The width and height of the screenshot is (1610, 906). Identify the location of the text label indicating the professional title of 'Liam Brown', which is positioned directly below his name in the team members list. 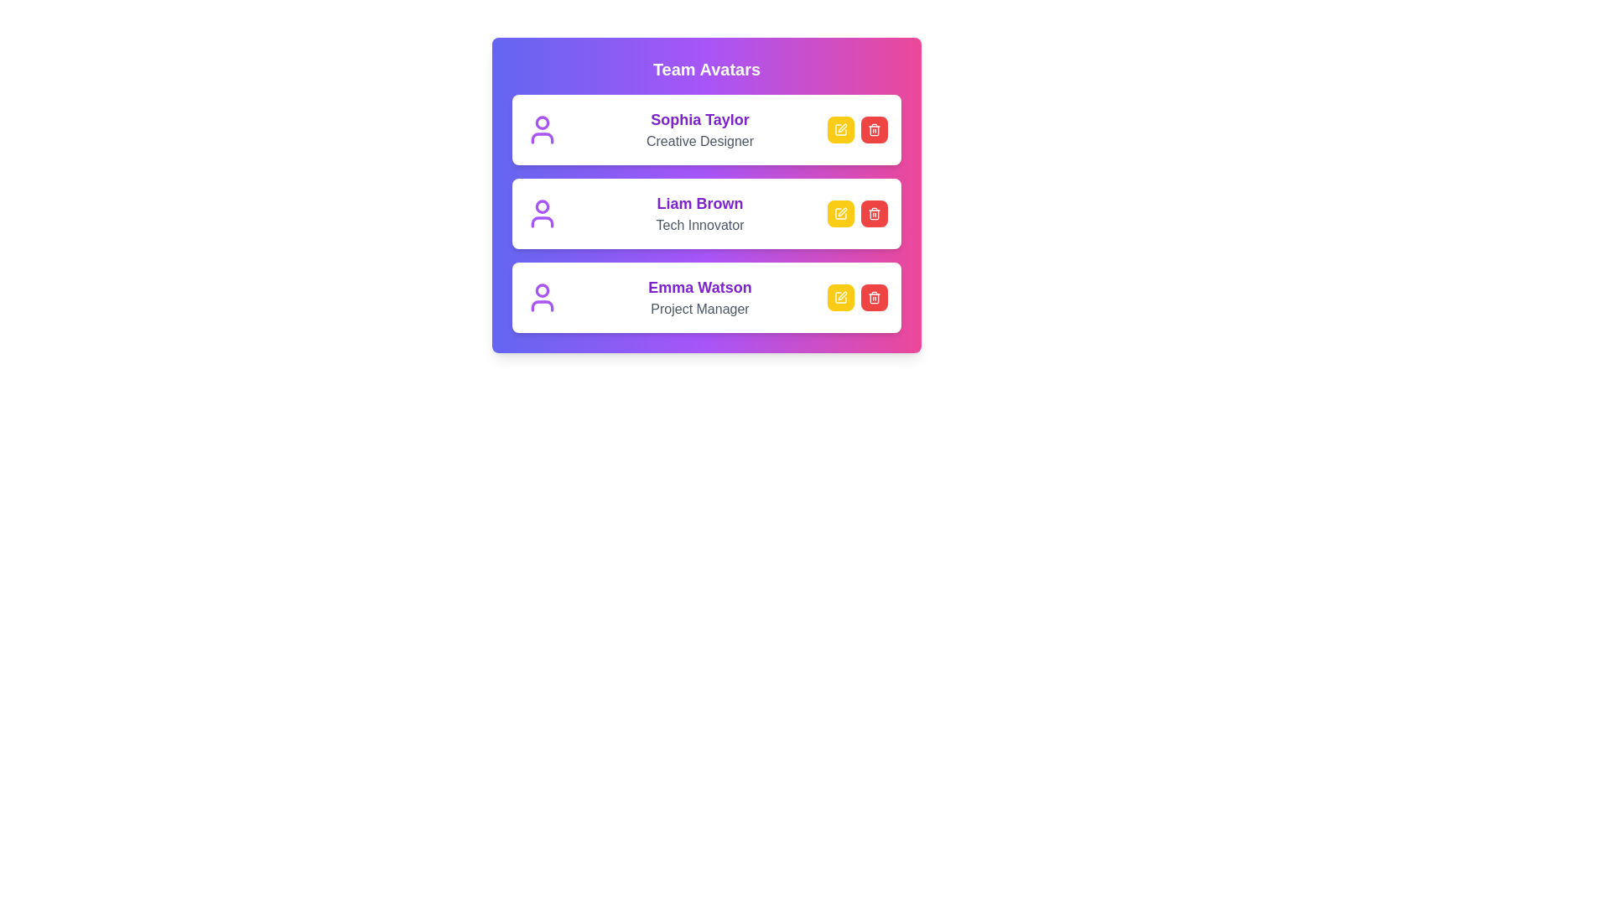
(700, 225).